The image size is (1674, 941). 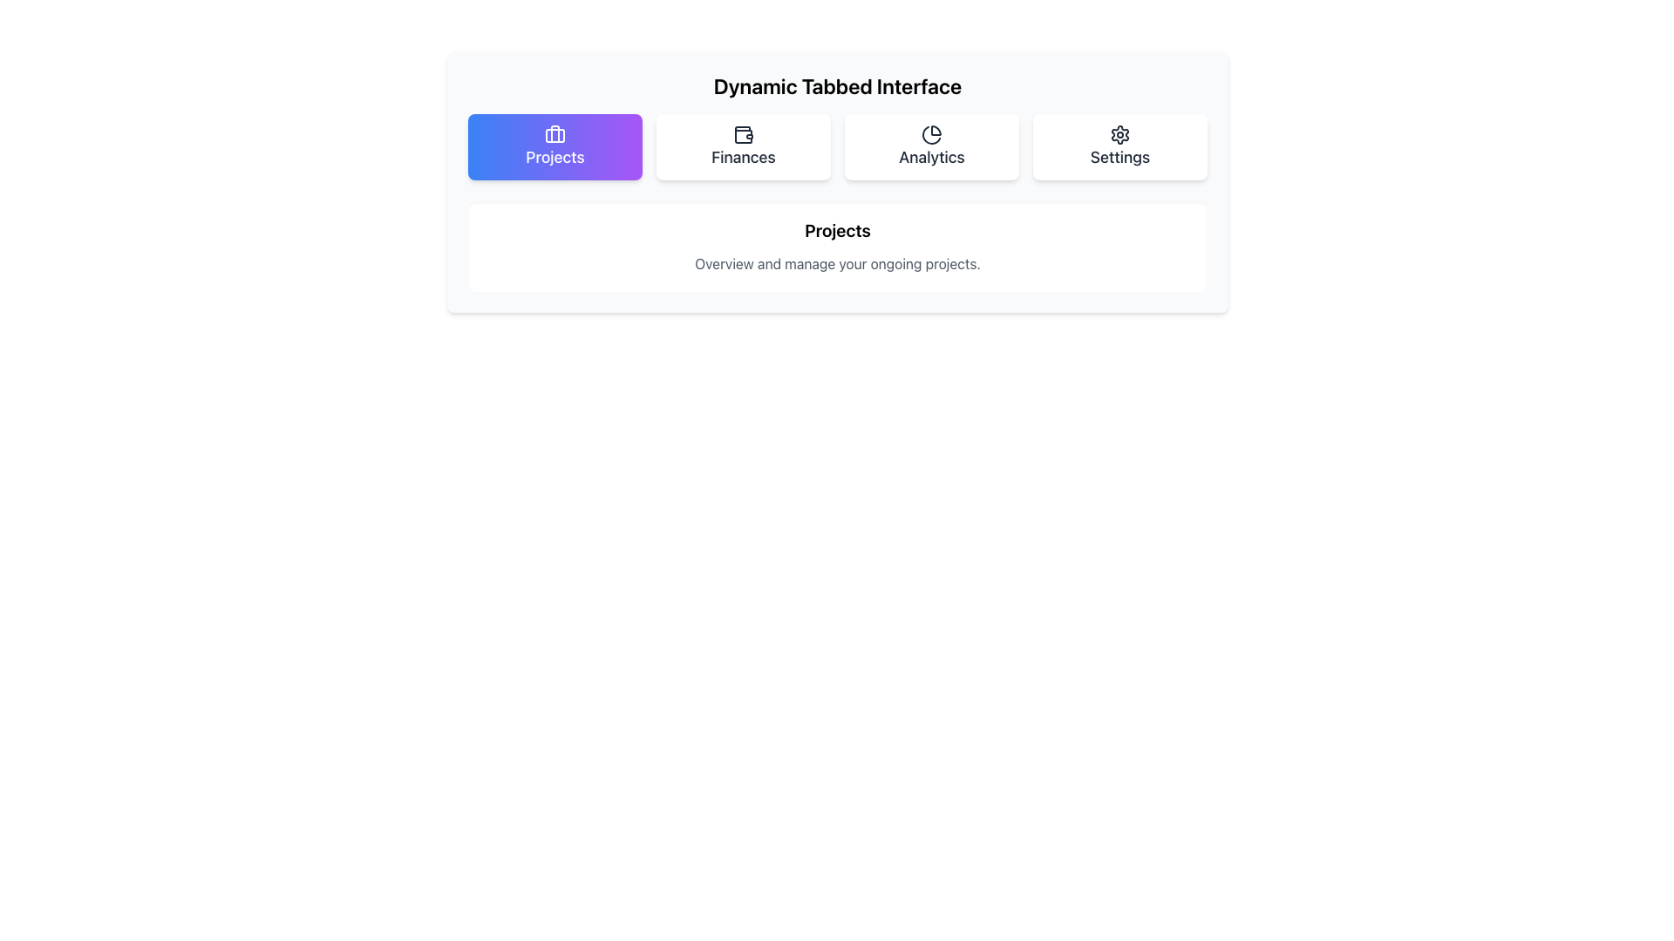 What do you see at coordinates (1120, 146) in the screenshot?
I see `the 'Settings' button, which is the fourth button in a horizontal series of four buttons in the navigation bar` at bounding box center [1120, 146].